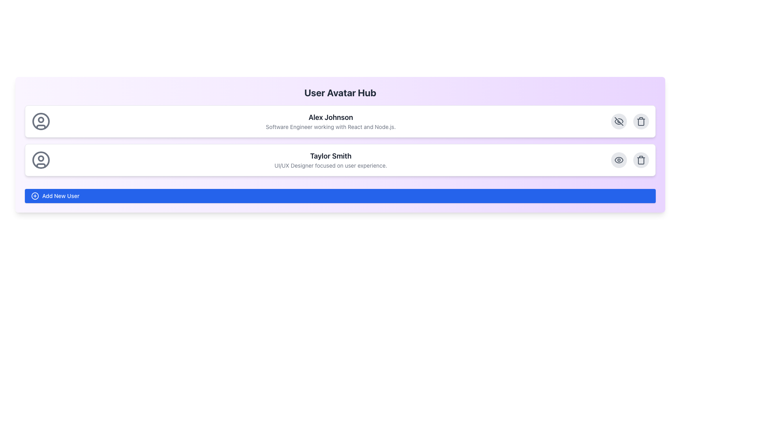 The height and width of the screenshot is (426, 758). I want to click on the Text Label displaying 'Alex Johnson' in bold, black, sans-serif font, located above the text 'Software Engineer working with React and Node.js.', so click(331, 117).